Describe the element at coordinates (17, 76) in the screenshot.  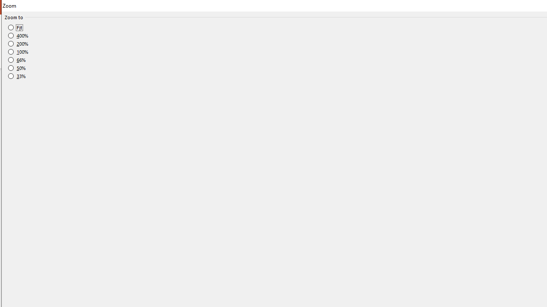
I see `'33%'` at that location.